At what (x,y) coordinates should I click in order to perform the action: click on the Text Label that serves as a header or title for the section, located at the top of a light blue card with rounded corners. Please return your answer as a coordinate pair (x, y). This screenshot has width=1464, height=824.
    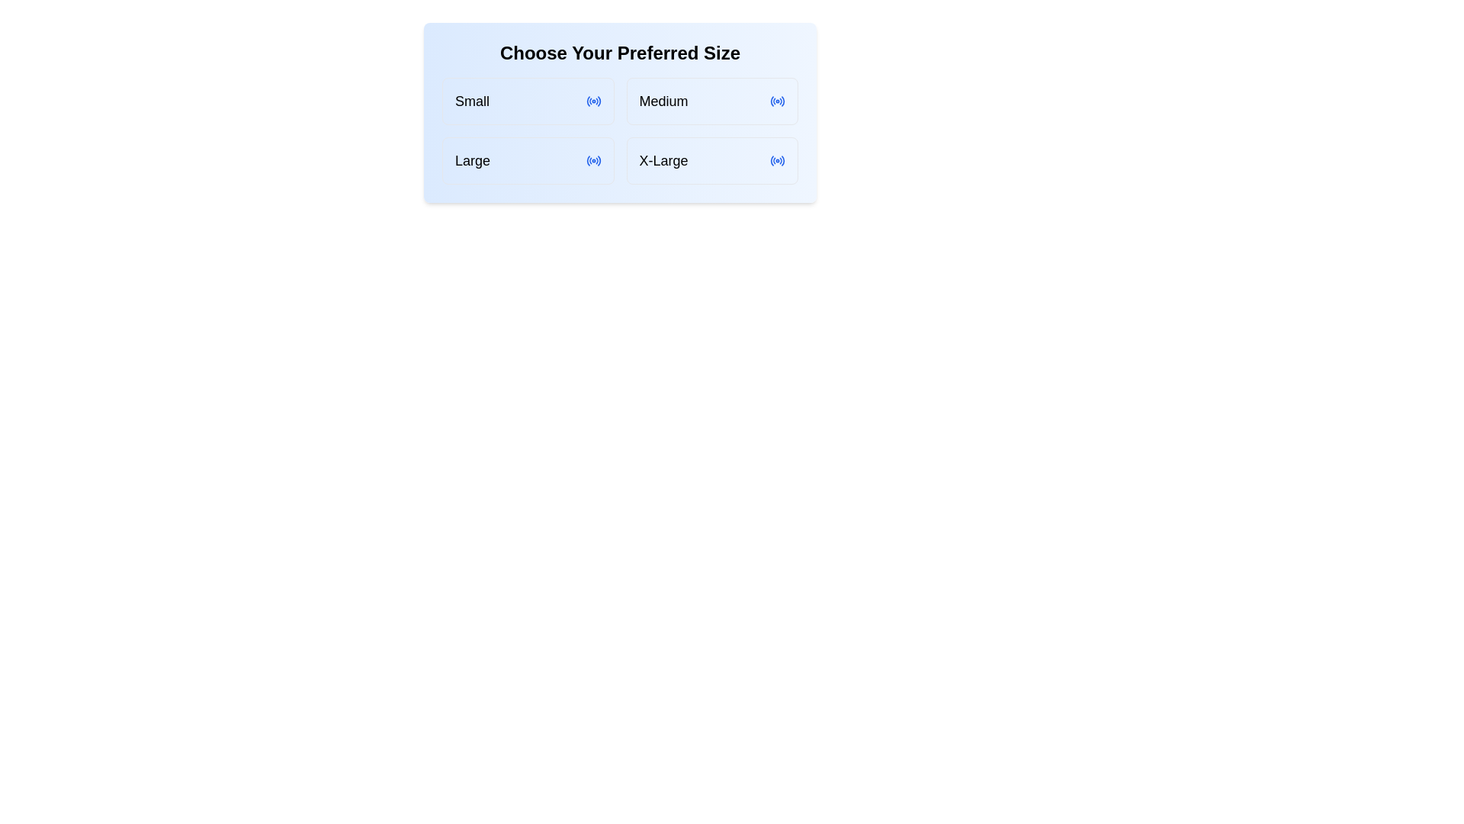
    Looking at the image, I should click on (620, 52).